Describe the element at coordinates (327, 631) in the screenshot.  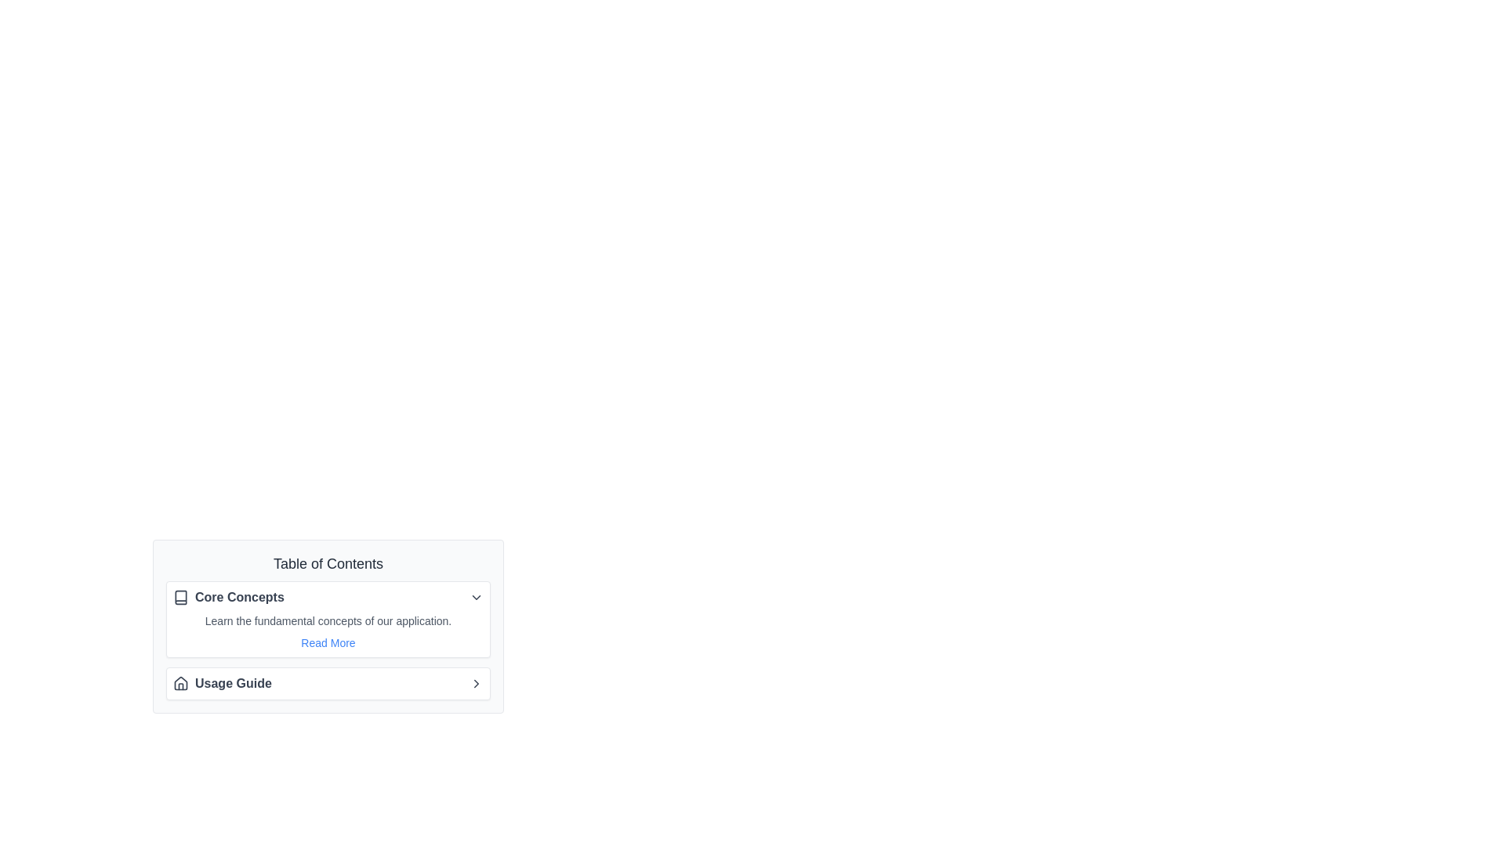
I see `the 'Read More' link in the text block that reads 'Learn the fundamental concepts of our application.' located in the 'Core Concepts' section` at that location.